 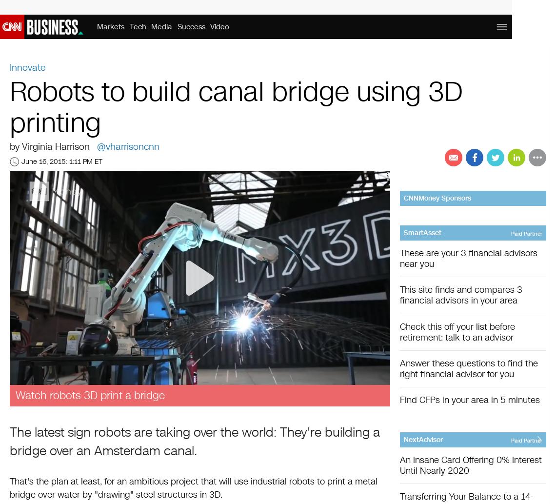 I want to click on 'That's the plan at least, for an ambitious project that will use industrial robots to print a metal bridge over water by "drawing" steel structures in 3D.', so click(x=193, y=487).